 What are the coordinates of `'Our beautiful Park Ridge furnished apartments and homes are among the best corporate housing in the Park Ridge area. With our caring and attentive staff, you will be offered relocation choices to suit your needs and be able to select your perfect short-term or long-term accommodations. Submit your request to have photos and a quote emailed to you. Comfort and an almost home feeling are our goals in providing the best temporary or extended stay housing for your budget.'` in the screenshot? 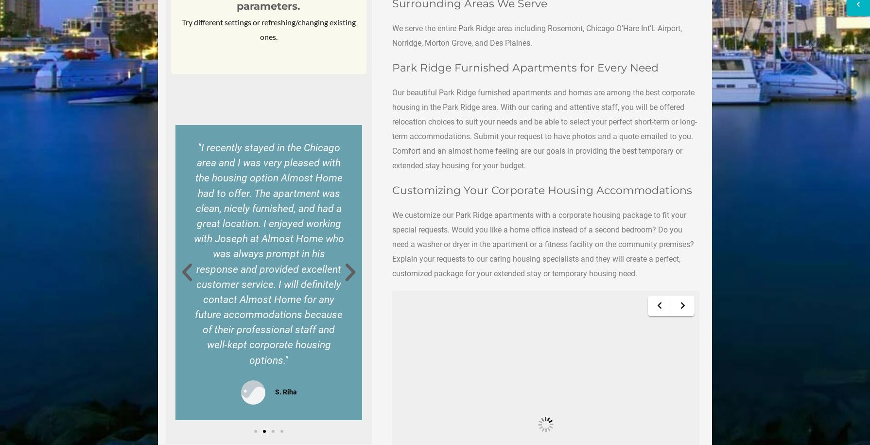 It's located at (391, 128).